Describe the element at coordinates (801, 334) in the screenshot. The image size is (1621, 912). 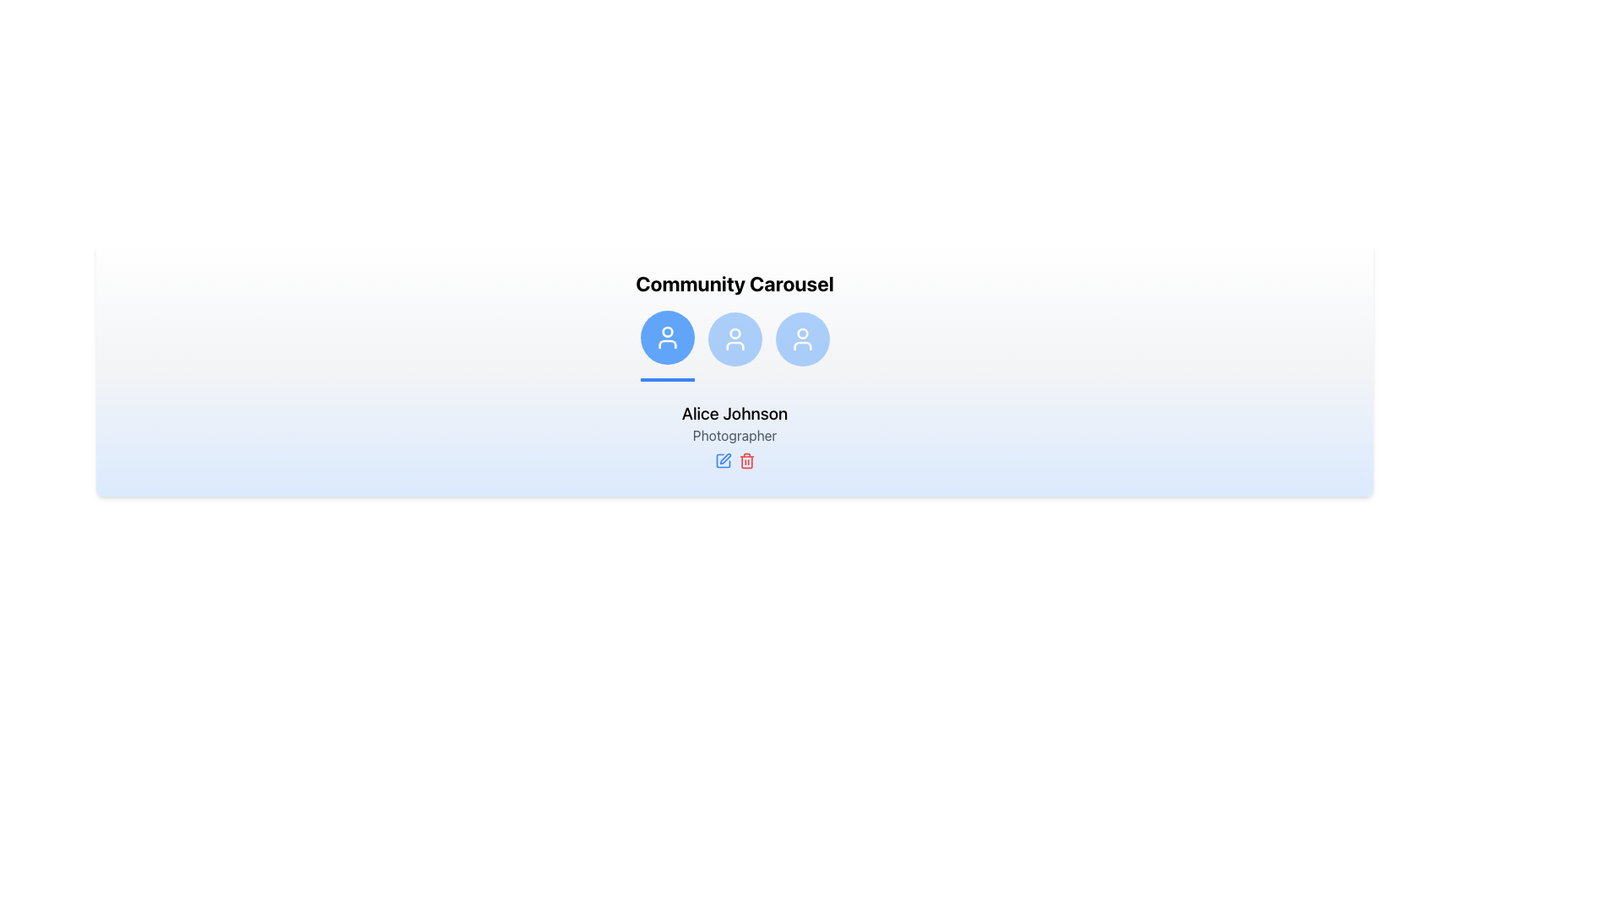
I see `the user profile icon located at the top-right of three horizontally aligned circles` at that location.